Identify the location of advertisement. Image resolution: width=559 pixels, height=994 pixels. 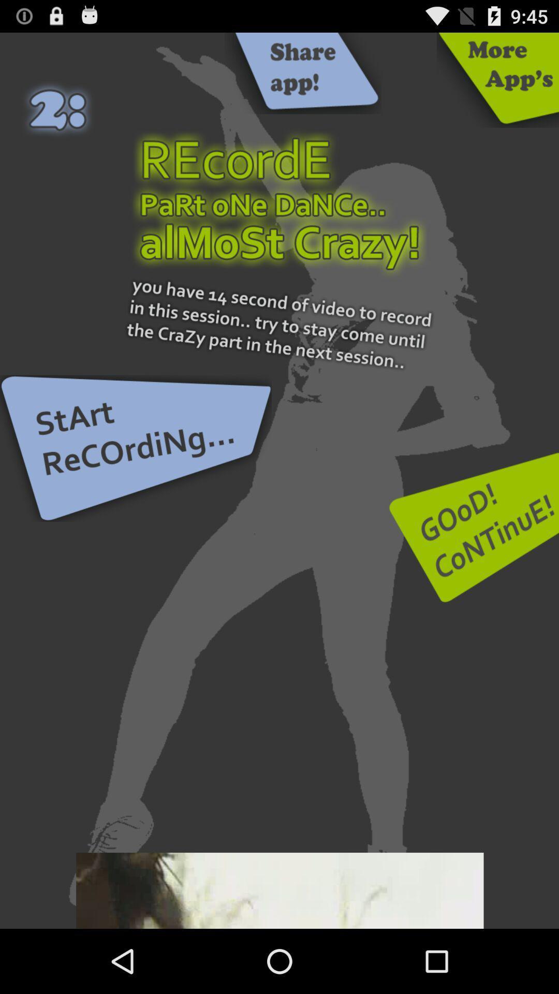
(279, 890).